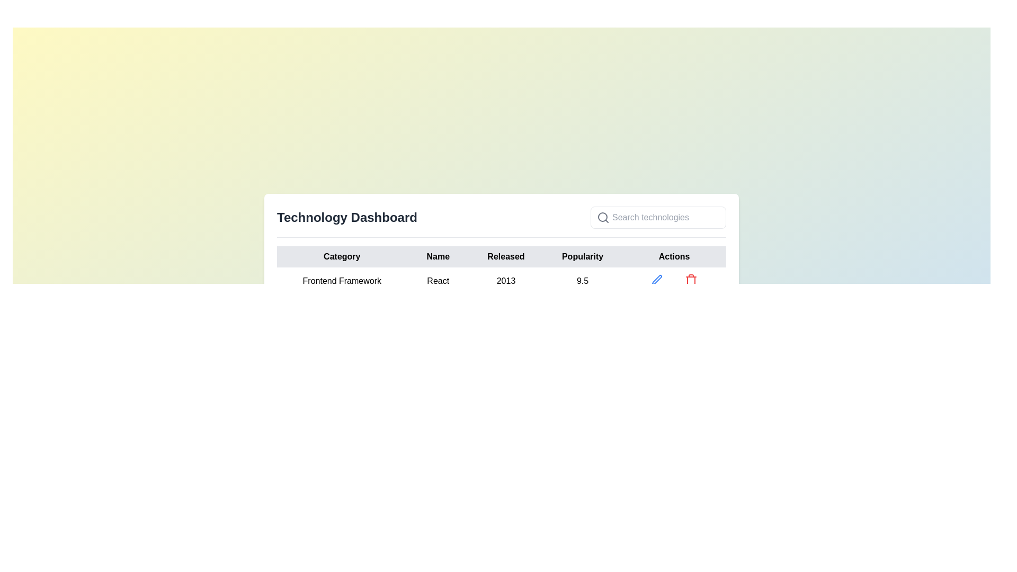  Describe the element at coordinates (505, 257) in the screenshot. I see `the header label indicating the release year or date in the table, which is the third column between 'Name' and 'Popularity'` at that location.